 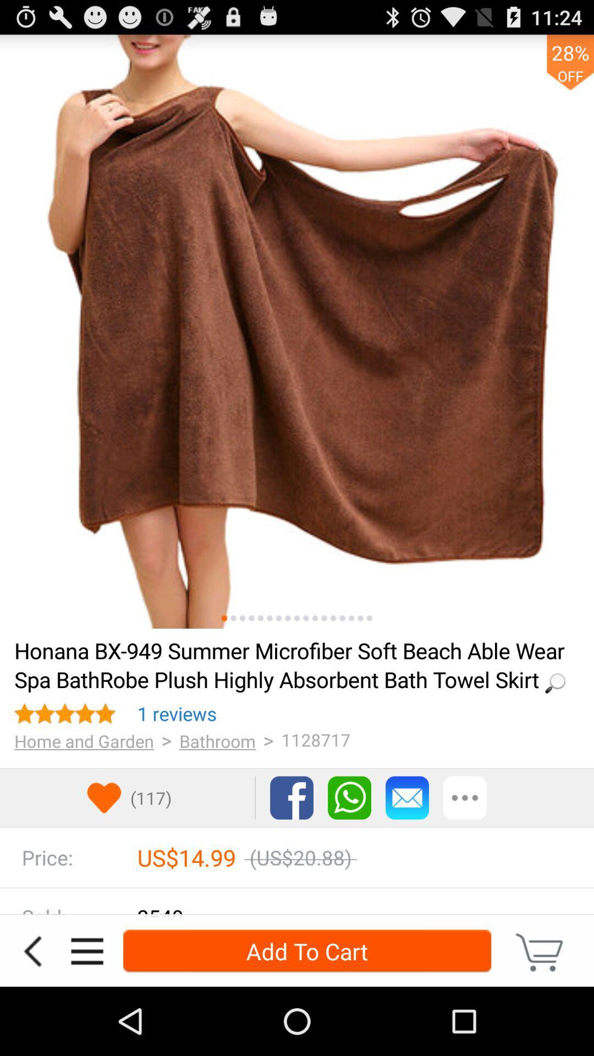 What do you see at coordinates (233, 618) in the screenshot?
I see `product image` at bounding box center [233, 618].